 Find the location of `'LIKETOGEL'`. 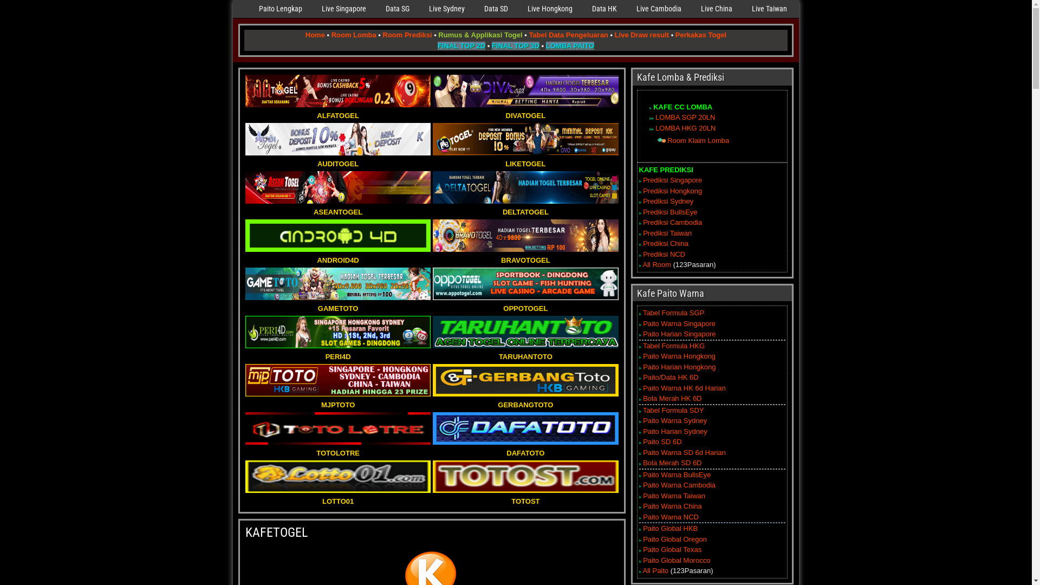

'LIKETOGEL' is located at coordinates (525, 158).